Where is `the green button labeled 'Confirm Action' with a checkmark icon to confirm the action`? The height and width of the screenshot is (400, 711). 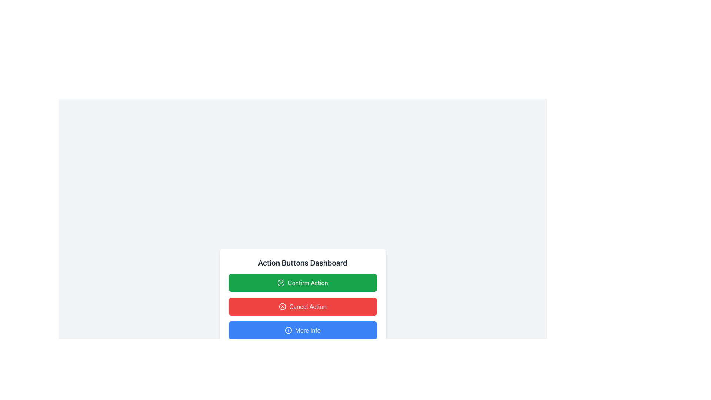 the green button labeled 'Confirm Action' with a checkmark icon to confirm the action is located at coordinates (303, 283).